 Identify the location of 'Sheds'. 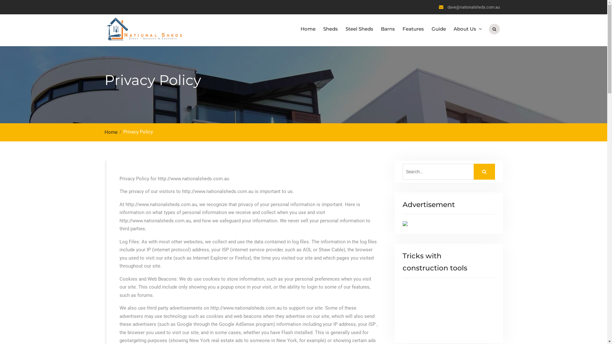
(330, 29).